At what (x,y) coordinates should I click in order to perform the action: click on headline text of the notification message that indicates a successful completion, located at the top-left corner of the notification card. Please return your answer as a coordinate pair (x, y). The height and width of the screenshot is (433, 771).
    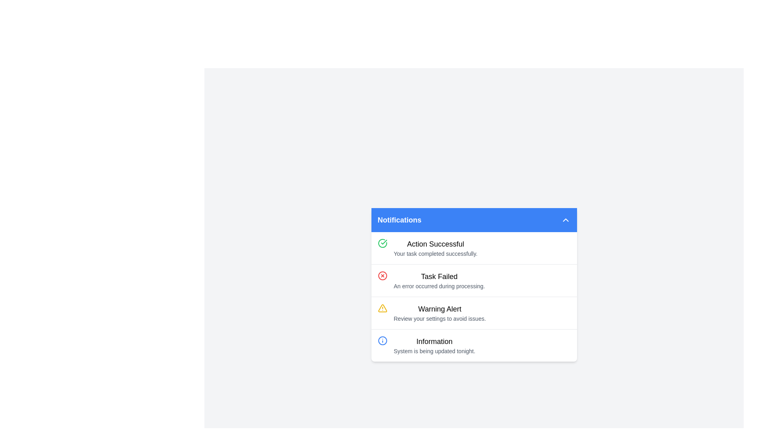
    Looking at the image, I should click on (435, 243).